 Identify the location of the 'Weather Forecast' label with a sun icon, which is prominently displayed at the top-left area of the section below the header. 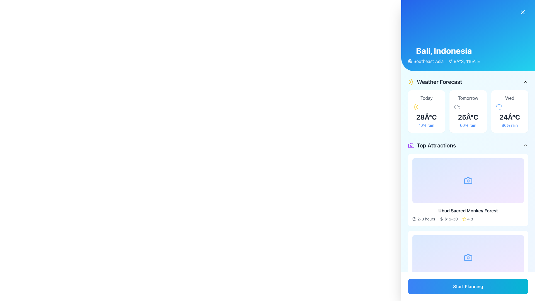
(435, 82).